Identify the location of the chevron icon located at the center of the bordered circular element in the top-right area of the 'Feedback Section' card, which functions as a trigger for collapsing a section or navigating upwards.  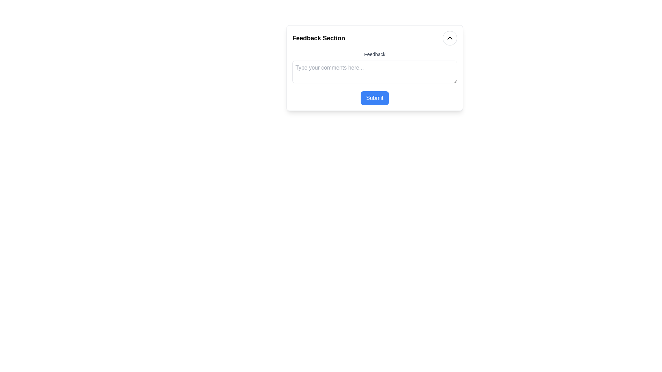
(450, 38).